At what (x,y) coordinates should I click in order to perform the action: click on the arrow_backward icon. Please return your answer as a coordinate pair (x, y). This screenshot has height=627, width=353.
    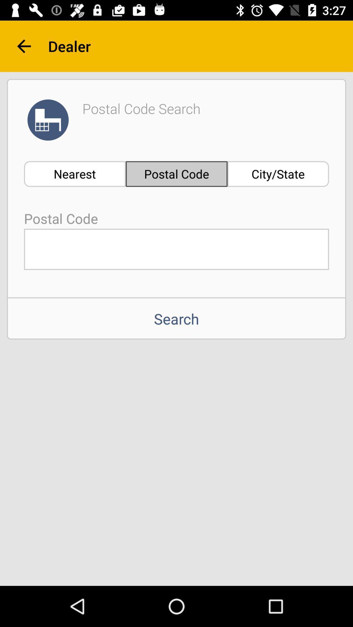
    Looking at the image, I should click on (24, 46).